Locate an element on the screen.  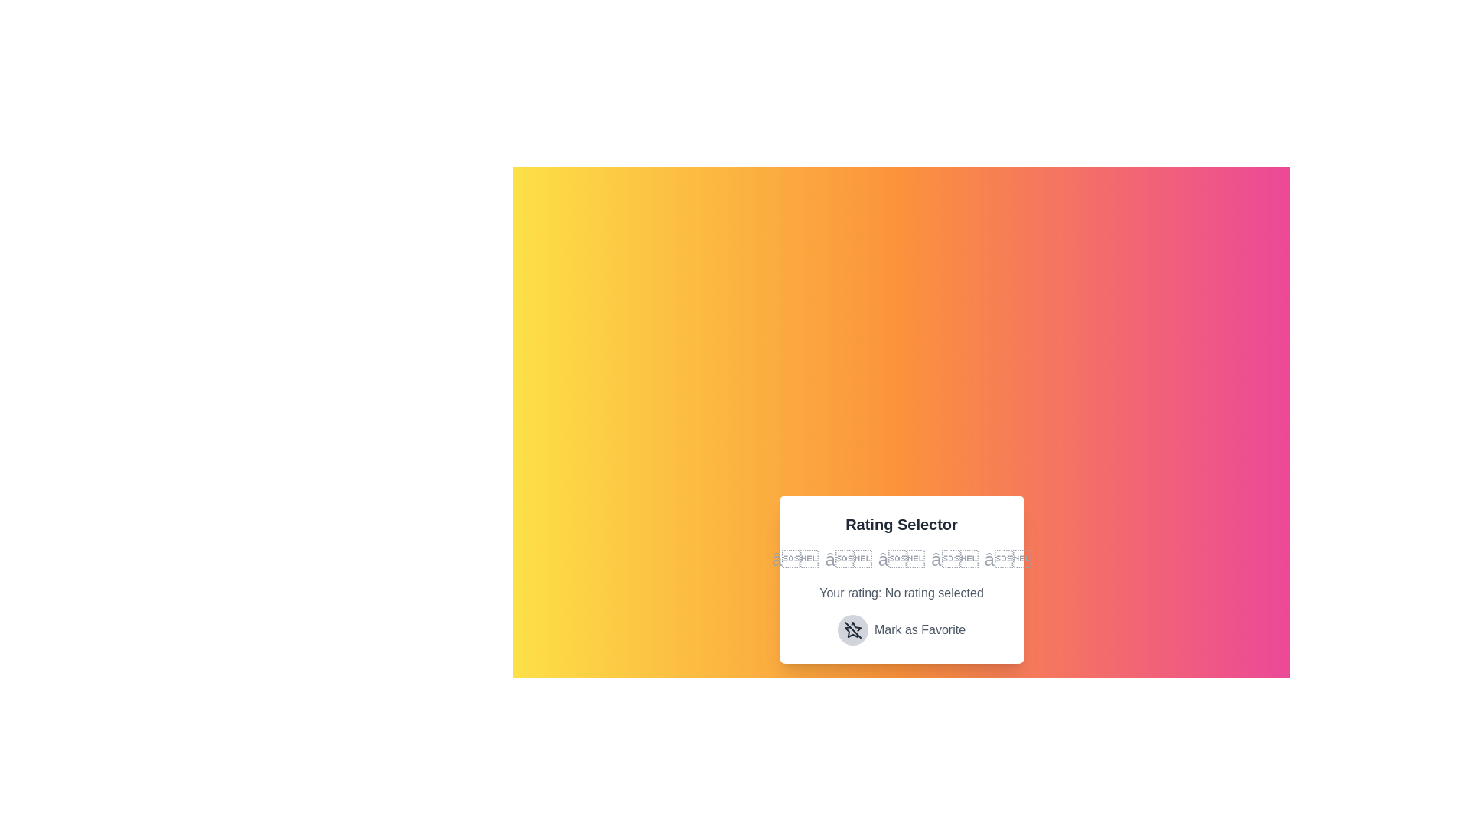
the star button to mark the item as a favorite, which toggles its state from gray to active is located at coordinates (852, 630).